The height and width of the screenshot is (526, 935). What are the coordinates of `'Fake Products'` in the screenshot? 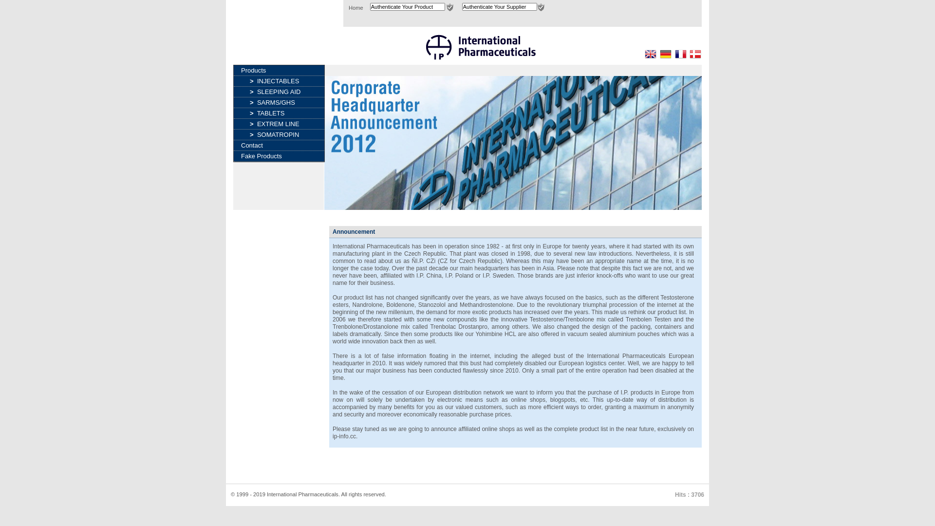 It's located at (234, 155).